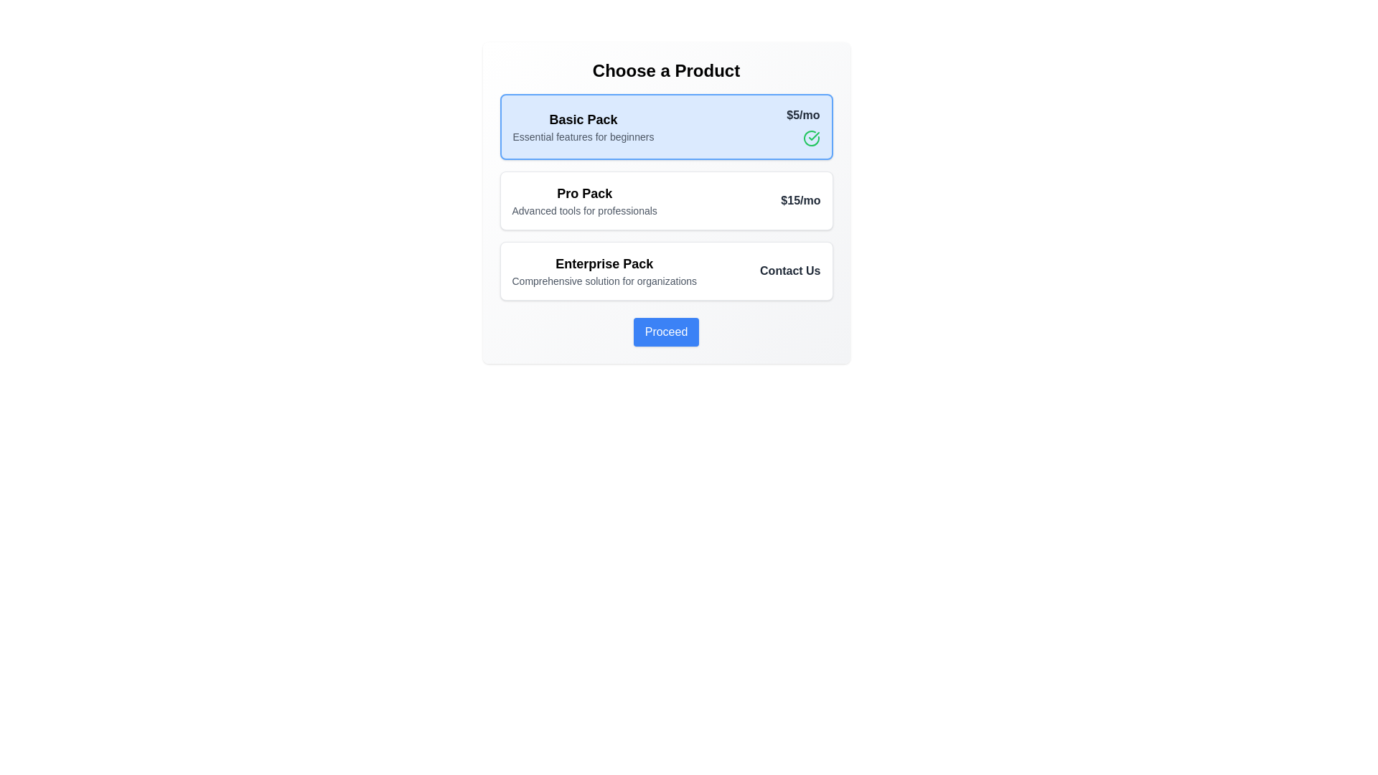  Describe the element at coordinates (665, 202) in the screenshot. I see `the 'Pro Pack' selectable card in the 'Choose a Product' panel` at that location.